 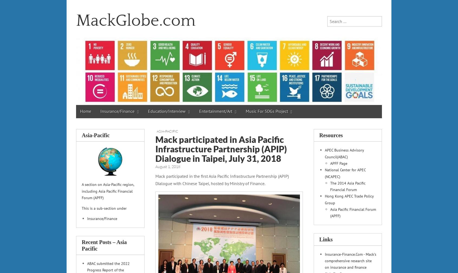 What do you see at coordinates (155, 166) in the screenshot?
I see `'August 1, 2018'` at bounding box center [155, 166].